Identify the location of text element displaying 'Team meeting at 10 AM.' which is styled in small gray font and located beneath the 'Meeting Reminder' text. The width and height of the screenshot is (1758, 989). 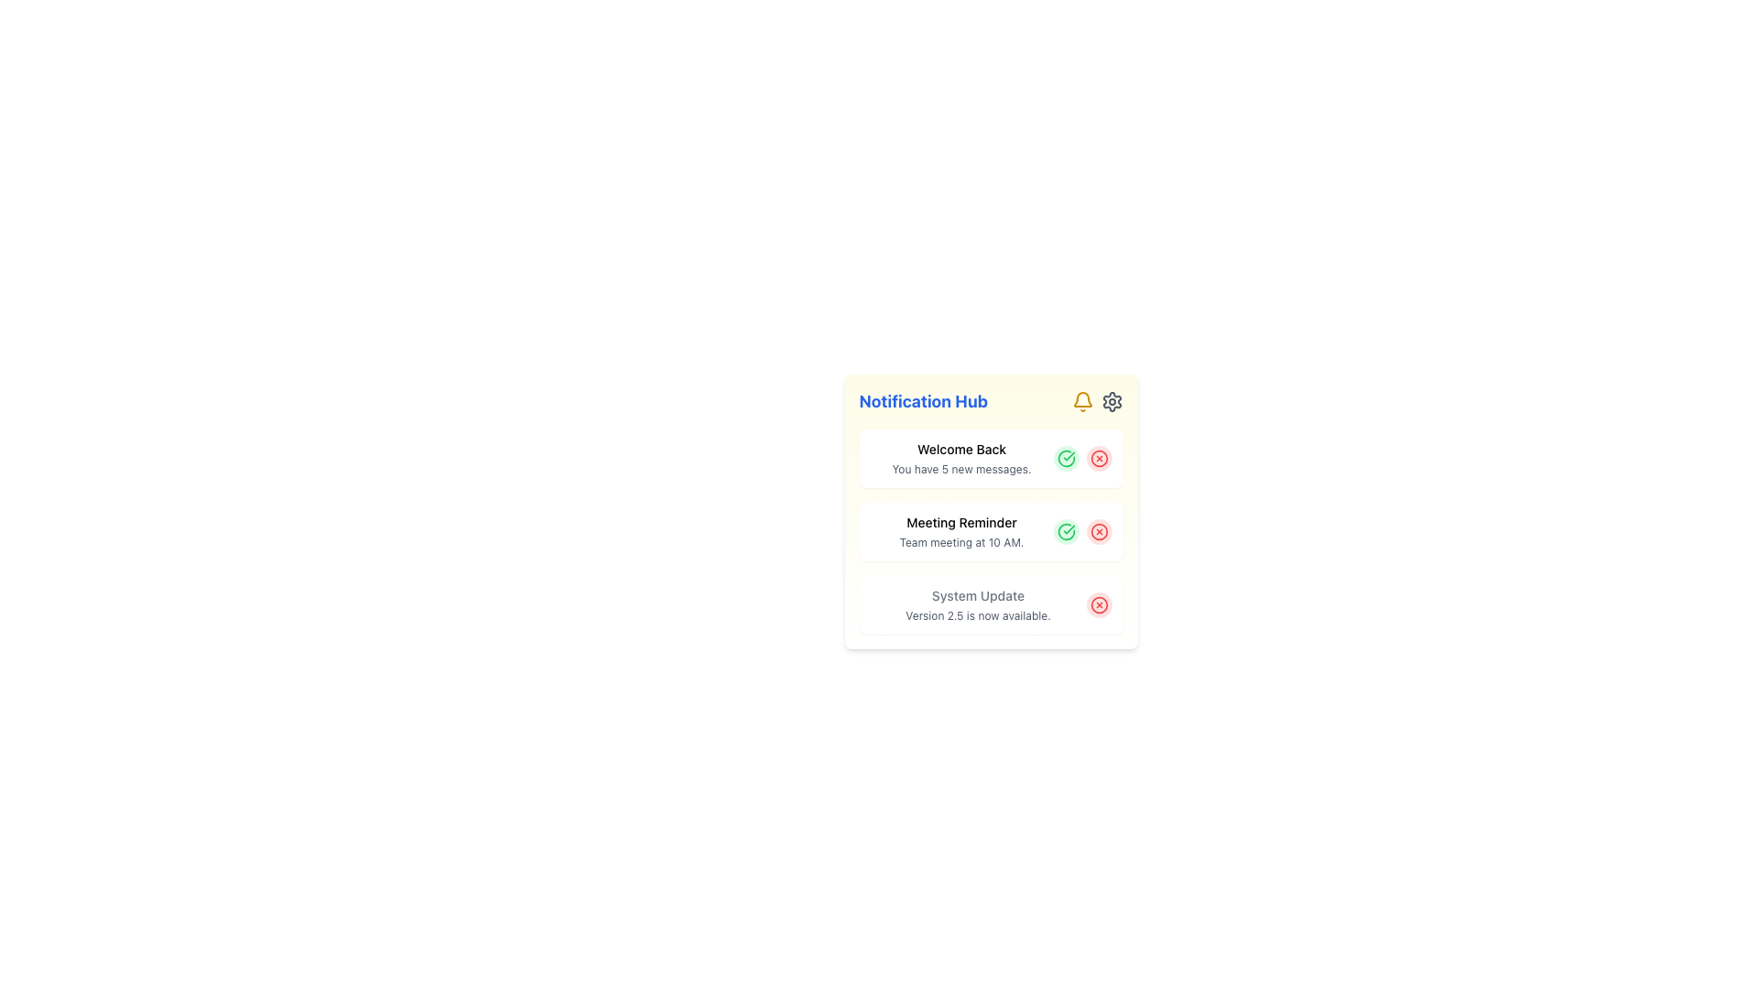
(960, 542).